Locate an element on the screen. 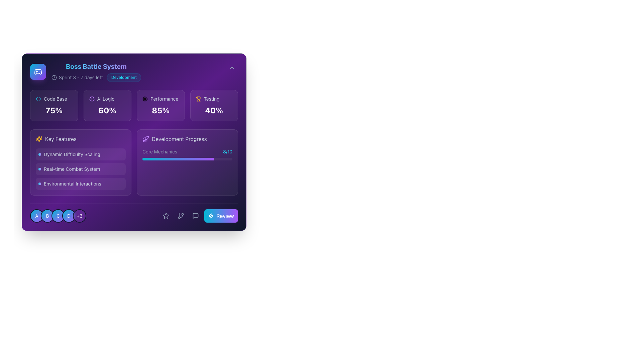 Image resolution: width=642 pixels, height=361 pixels. the gaming-related icon located near the top-left corner of the interface, adjacent to the title 'Boss Battle System' is located at coordinates (38, 72).